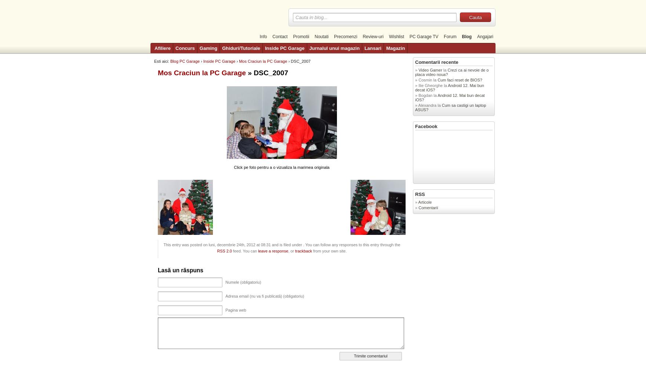 The width and height of the screenshot is (646, 367). What do you see at coordinates (428, 207) in the screenshot?
I see `'Comentarii'` at bounding box center [428, 207].